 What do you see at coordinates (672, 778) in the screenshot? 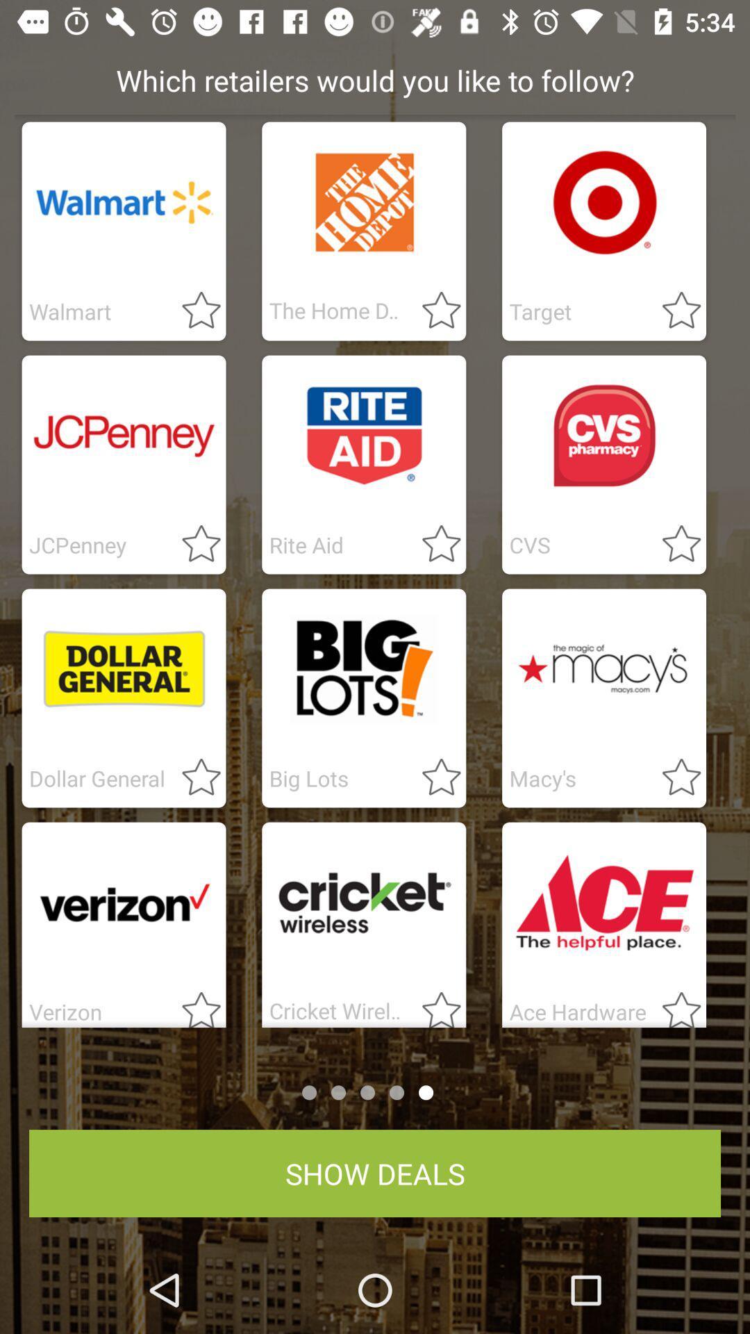
I see `favorite` at bounding box center [672, 778].